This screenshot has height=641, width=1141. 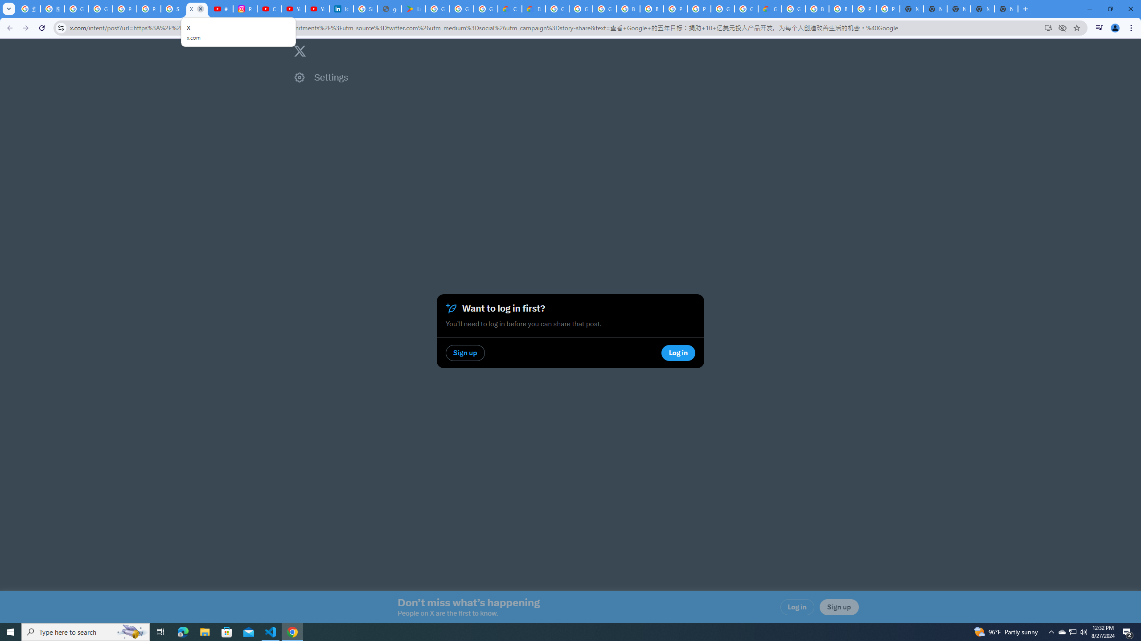 I want to click on 'Control your music, videos, and more', so click(x=1099, y=28).